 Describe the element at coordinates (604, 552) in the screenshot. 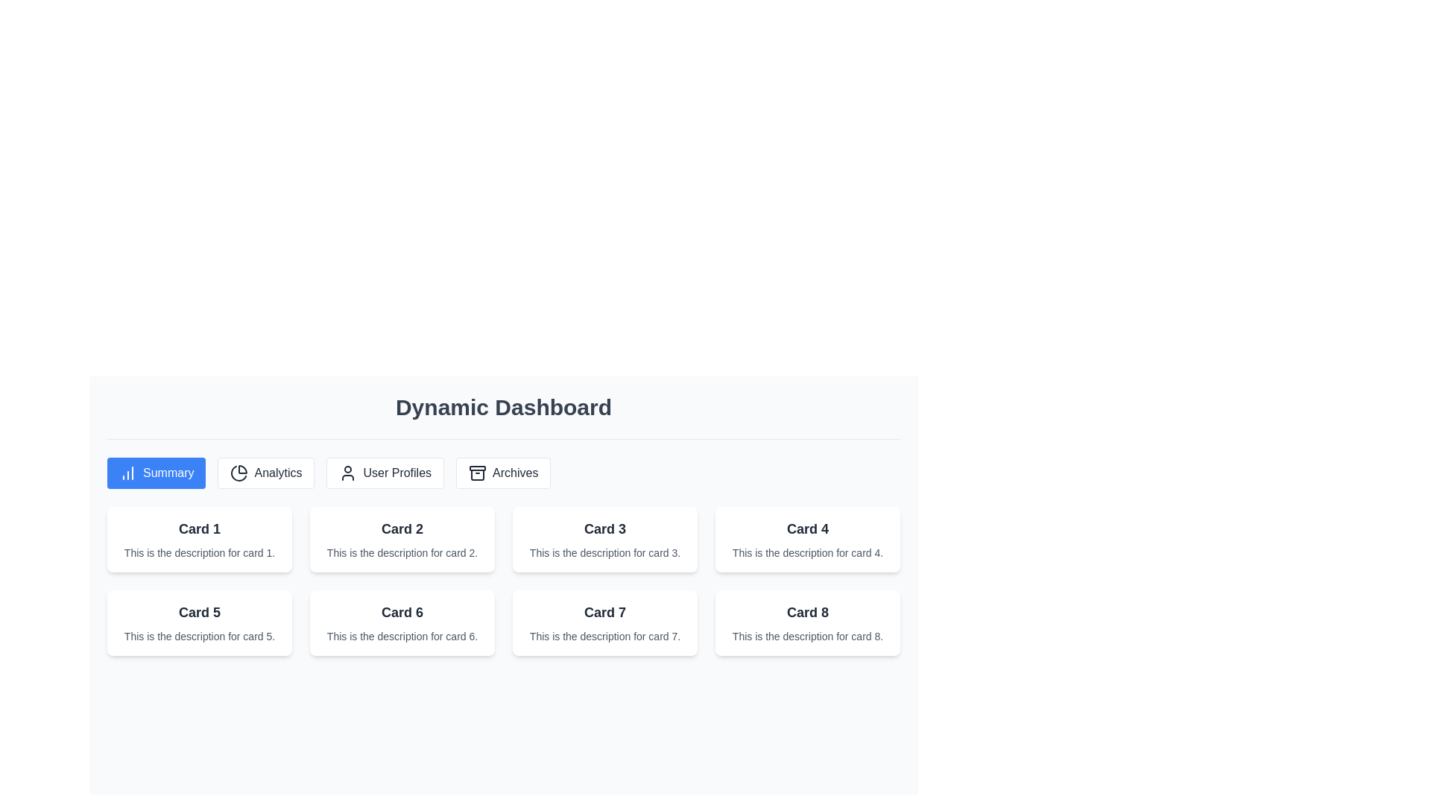

I see `the Text Label that describes 'This is the description for card 3.' located in 'Card 3' below the main header` at that location.